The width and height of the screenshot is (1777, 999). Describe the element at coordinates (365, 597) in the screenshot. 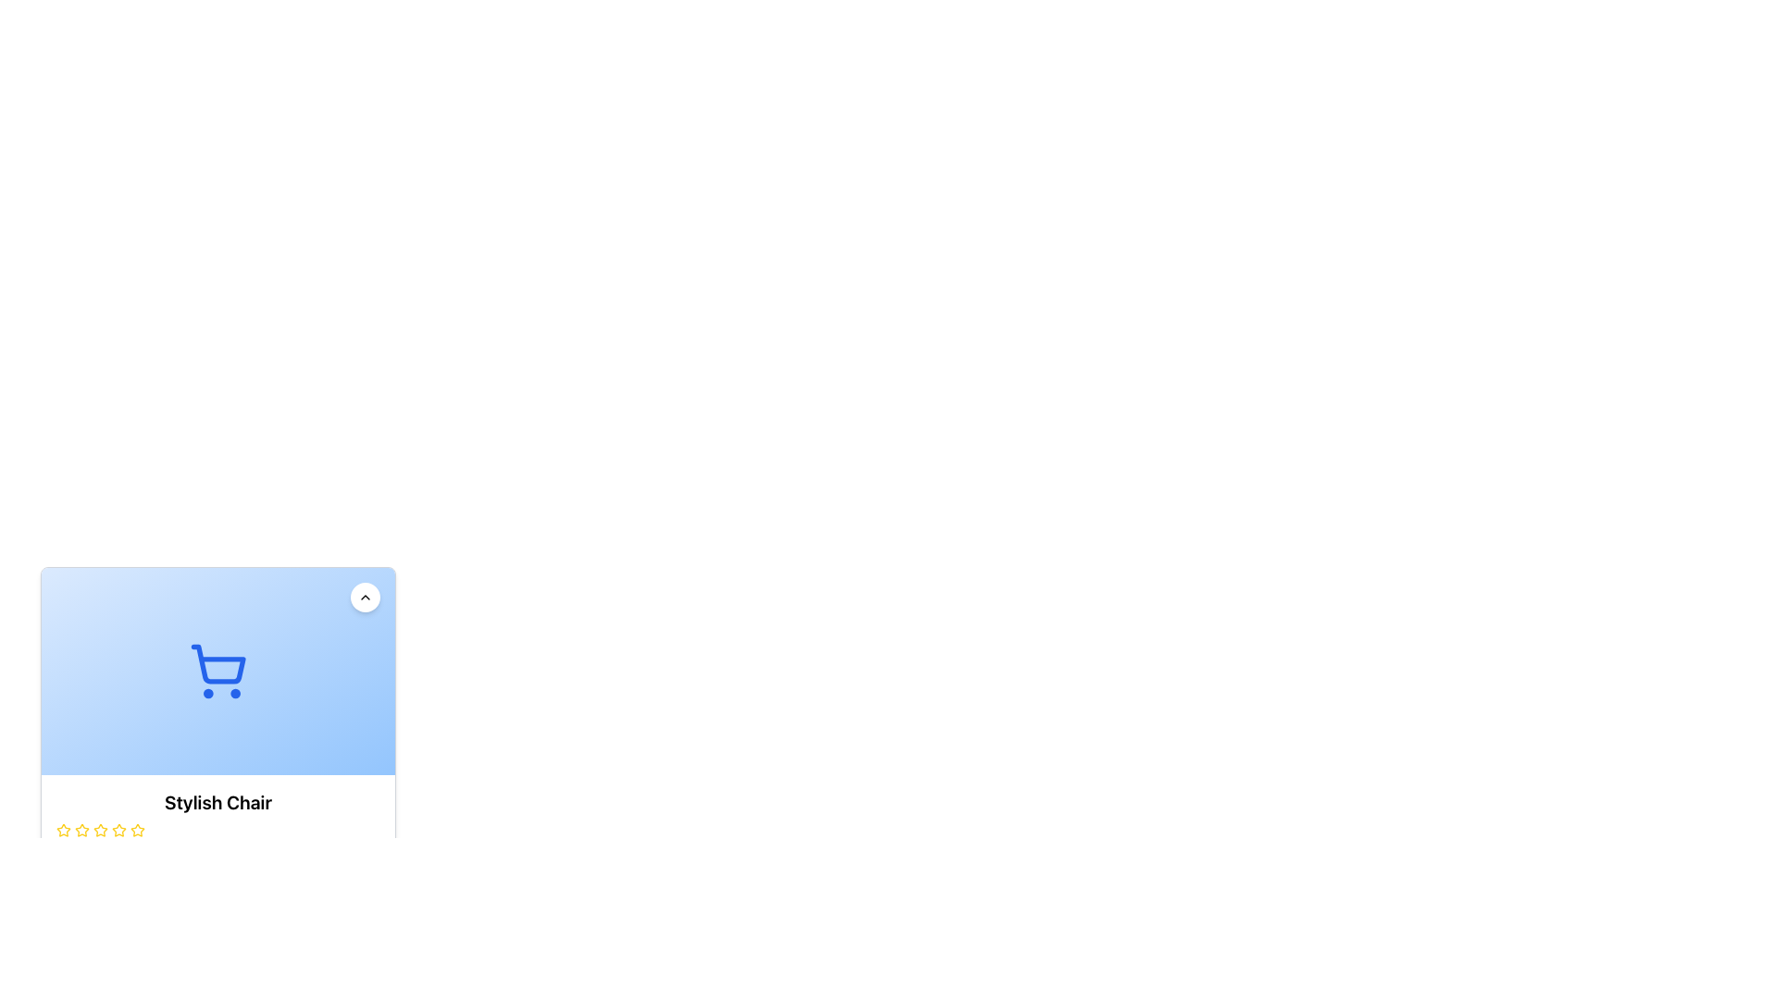

I see `the SVG Icon located at the top-right corner of the card-like layout, which serves as a control for triggering upward scrolling or navigation` at that location.